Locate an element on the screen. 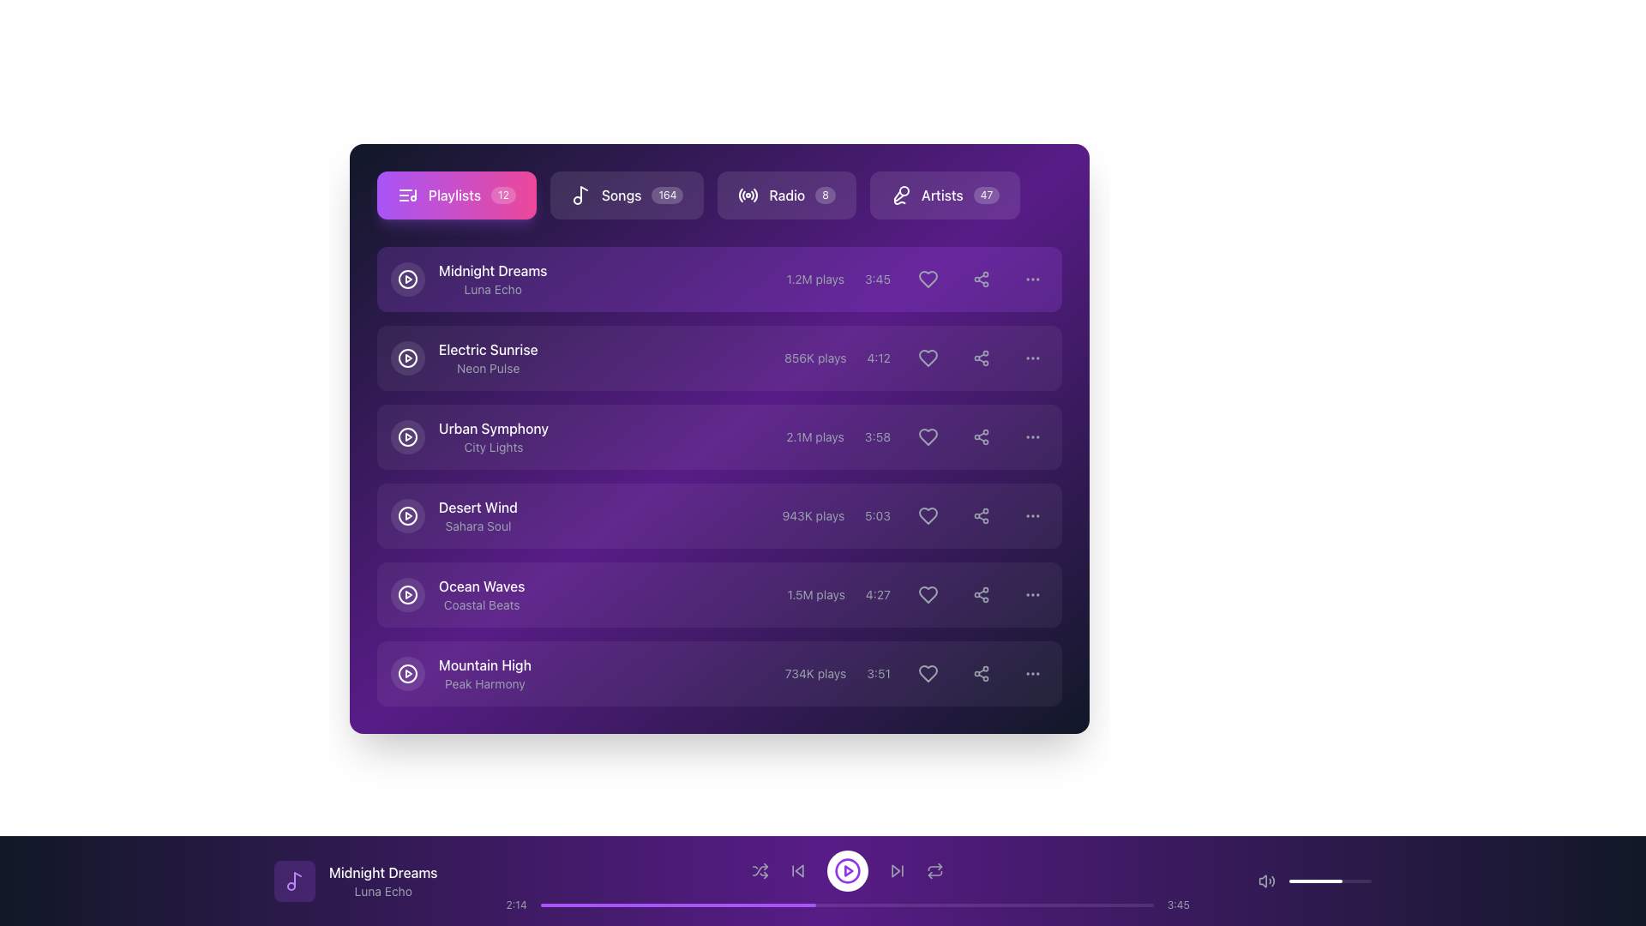 This screenshot has width=1646, height=926. the text block titled 'Ocean Waves' is located at coordinates (480, 594).